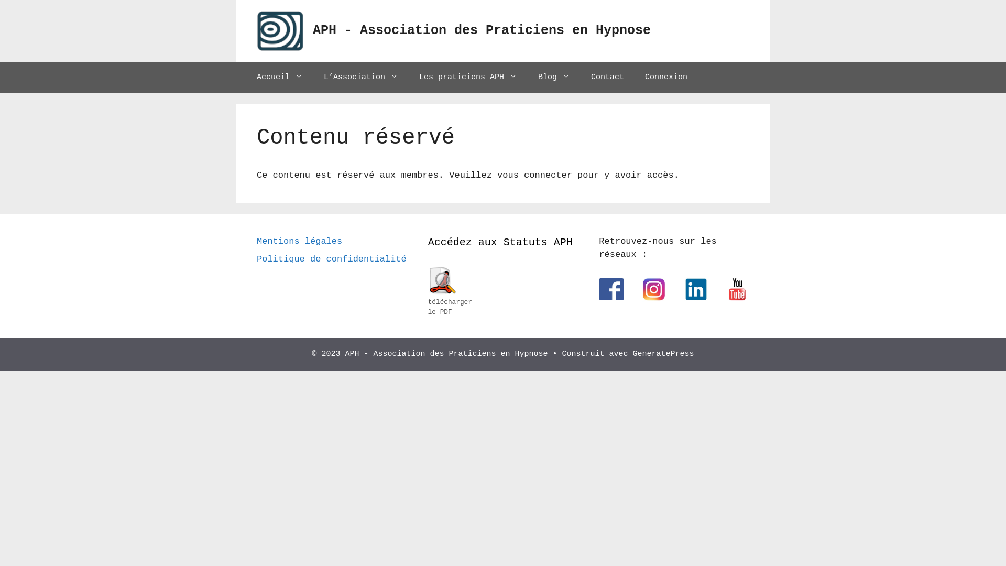 Image resolution: width=1006 pixels, height=566 pixels. I want to click on 'Contact', so click(607, 77).